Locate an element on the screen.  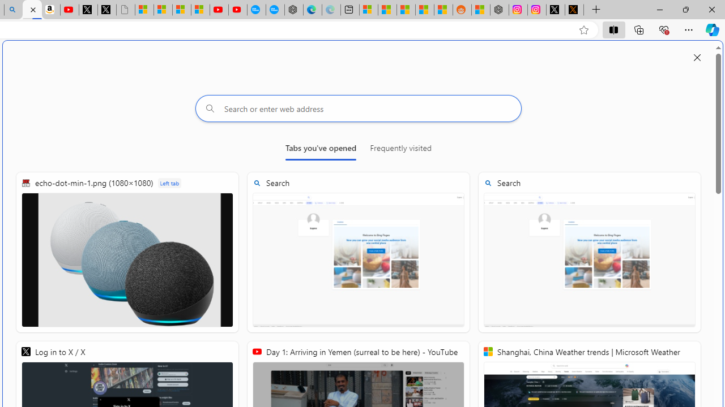
'Close tab' is located at coordinates (33, 10).